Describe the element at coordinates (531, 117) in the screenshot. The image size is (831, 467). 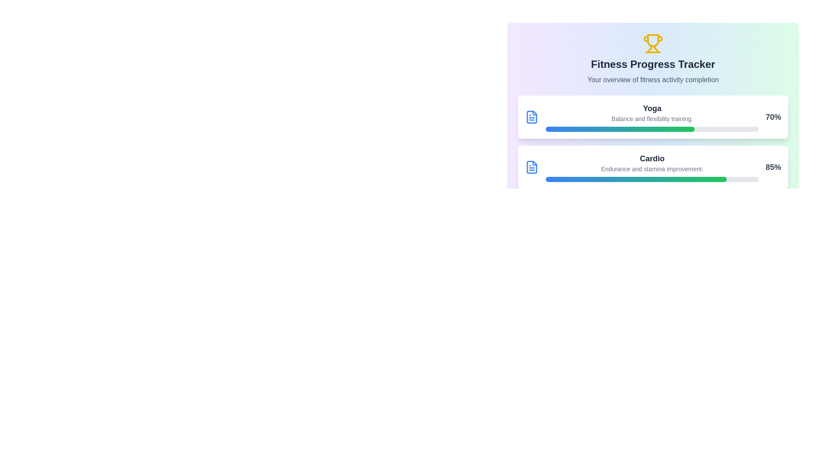
I see `the document icon located in the top-left corner of the 'Yoga' card, which represents textual data related to balance and flexibility training` at that location.